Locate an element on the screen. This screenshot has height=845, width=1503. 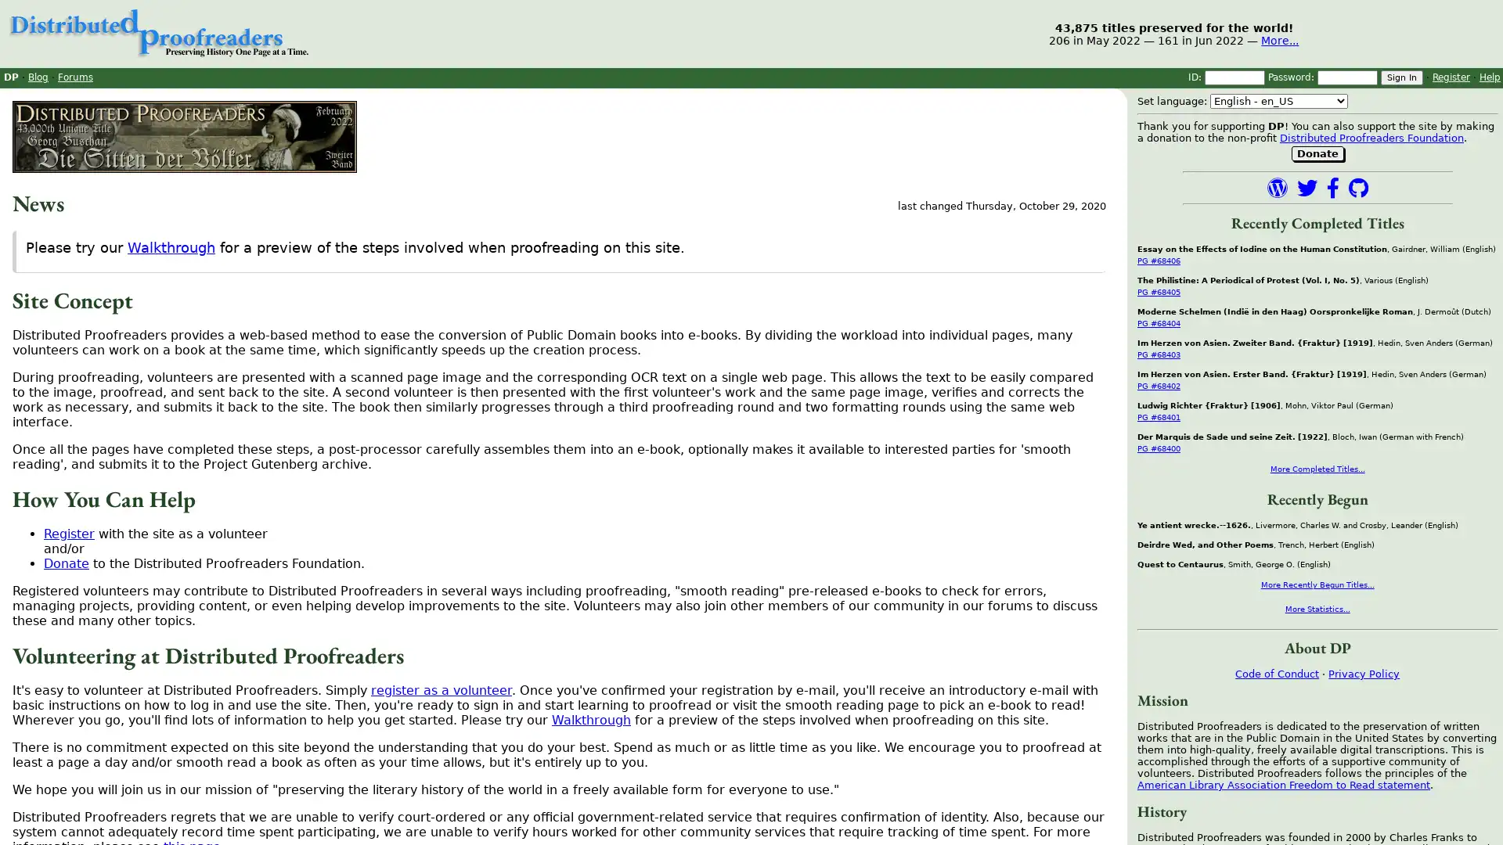
Sign In is located at coordinates (1401, 77).